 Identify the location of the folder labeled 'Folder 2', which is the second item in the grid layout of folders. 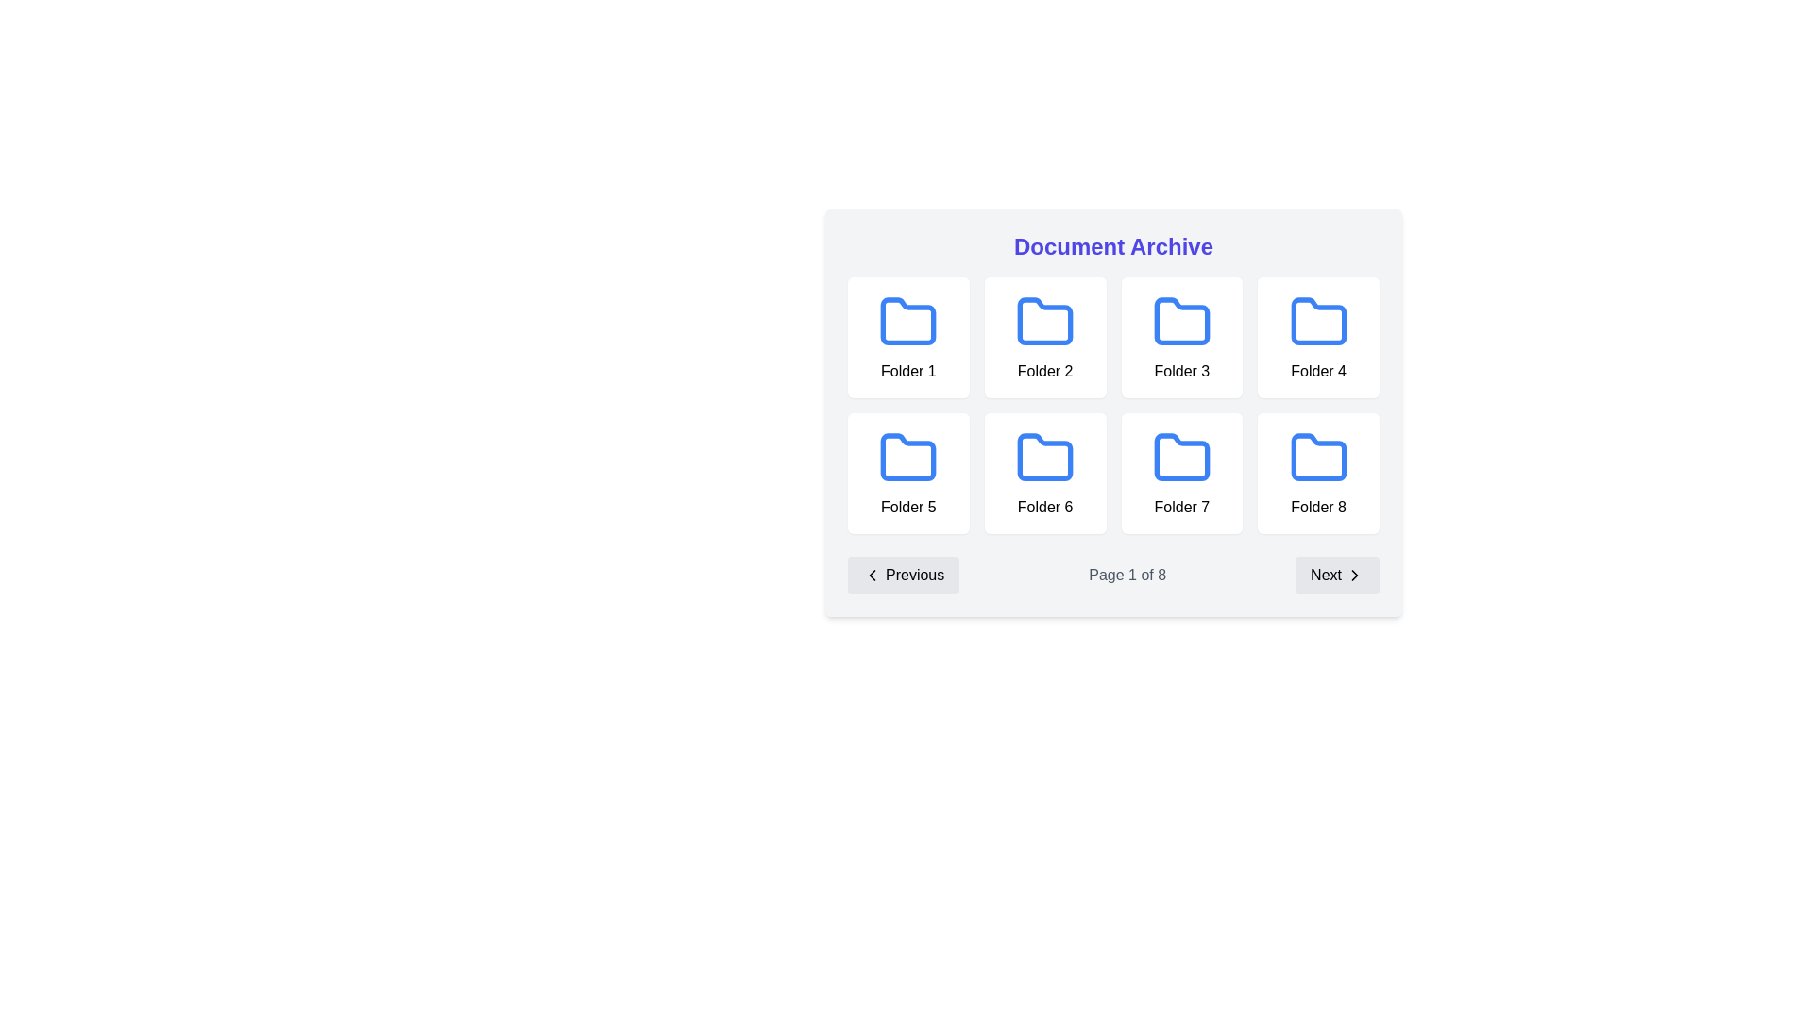
(1044, 337).